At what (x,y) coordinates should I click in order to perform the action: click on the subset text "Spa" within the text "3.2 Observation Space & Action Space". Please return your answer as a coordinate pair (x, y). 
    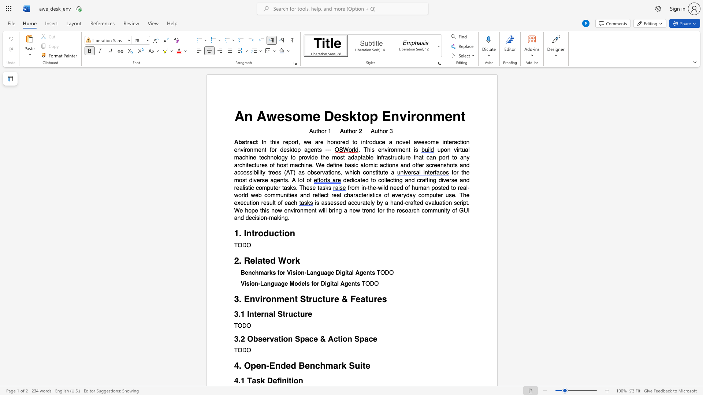
    Looking at the image, I should click on (354, 339).